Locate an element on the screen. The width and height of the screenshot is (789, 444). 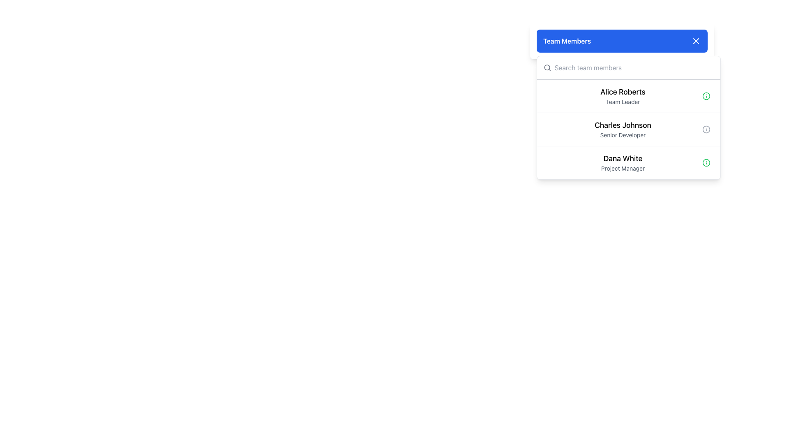
the text label displaying 'Charles Johnson', which is the second item in the 'Team Members' list inside the modal is located at coordinates (623, 125).